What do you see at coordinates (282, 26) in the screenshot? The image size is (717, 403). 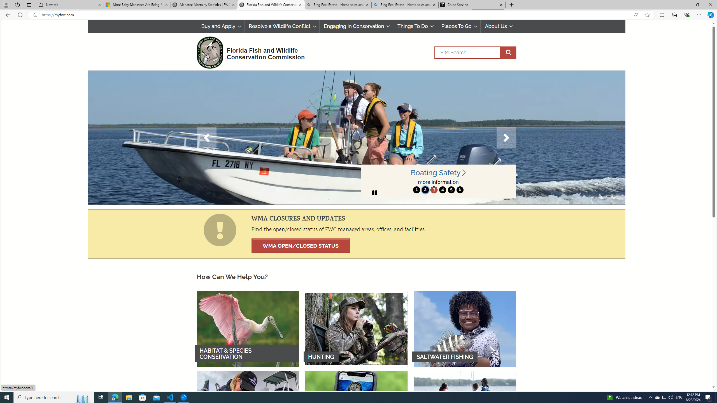 I see `'Resolve a Wildlife Conflict'` at bounding box center [282, 26].